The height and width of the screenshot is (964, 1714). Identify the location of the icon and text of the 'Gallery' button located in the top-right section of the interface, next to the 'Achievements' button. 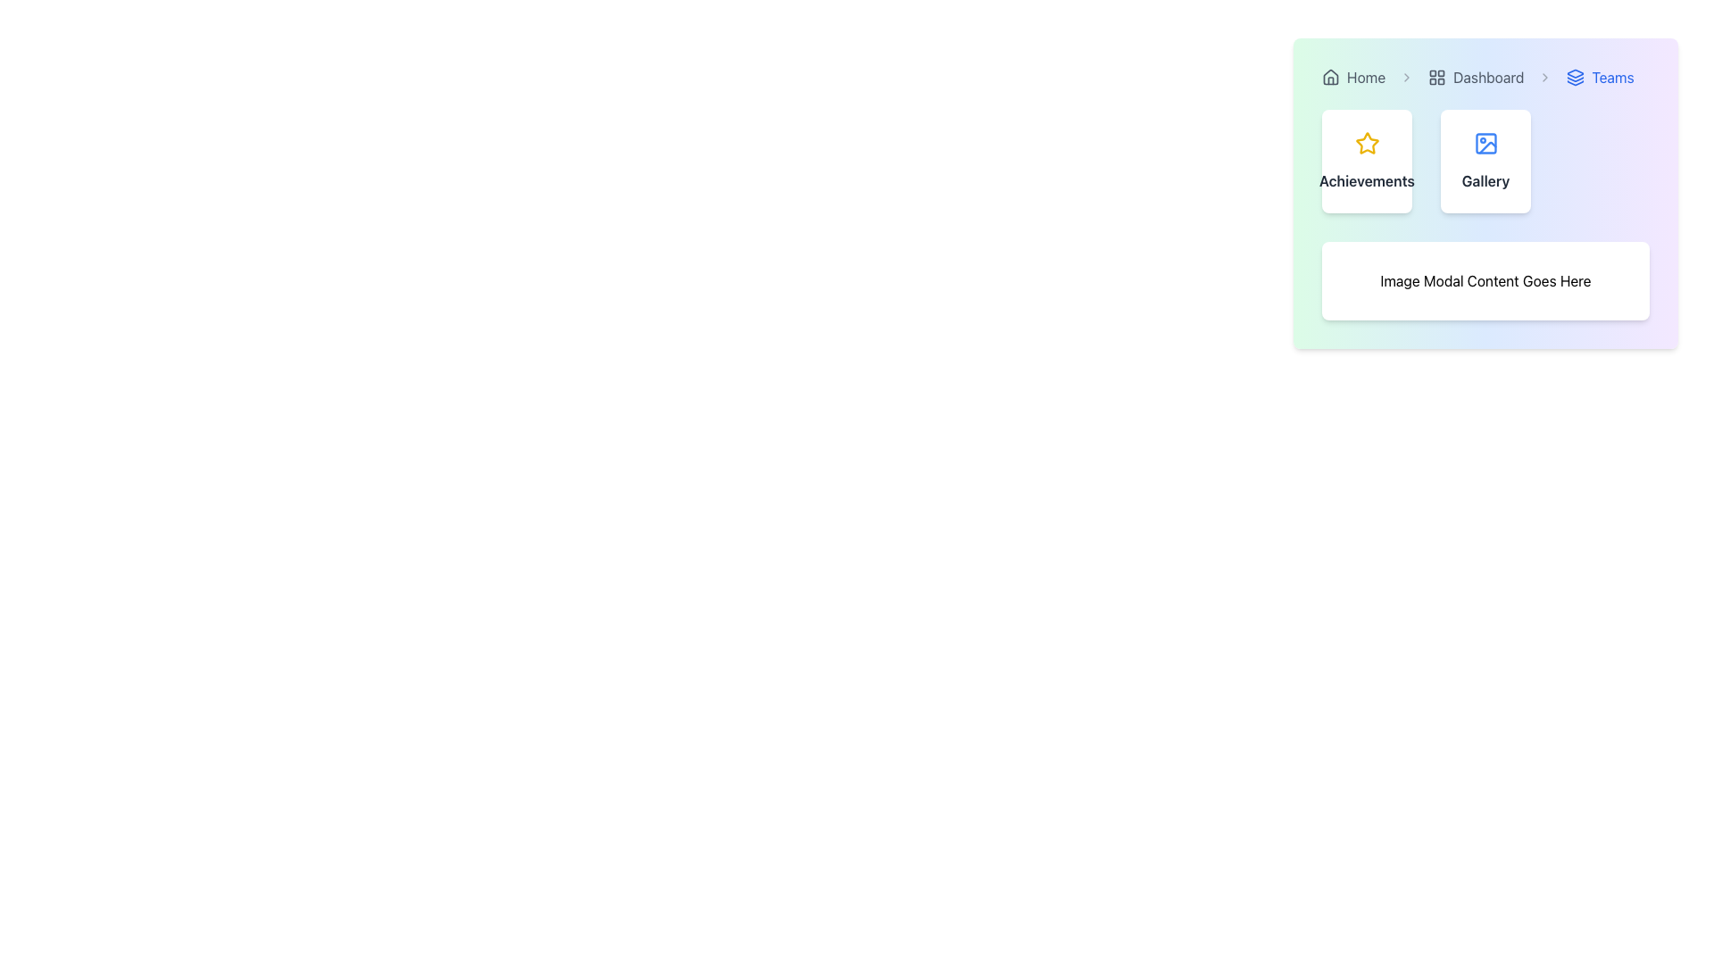
(1485, 162).